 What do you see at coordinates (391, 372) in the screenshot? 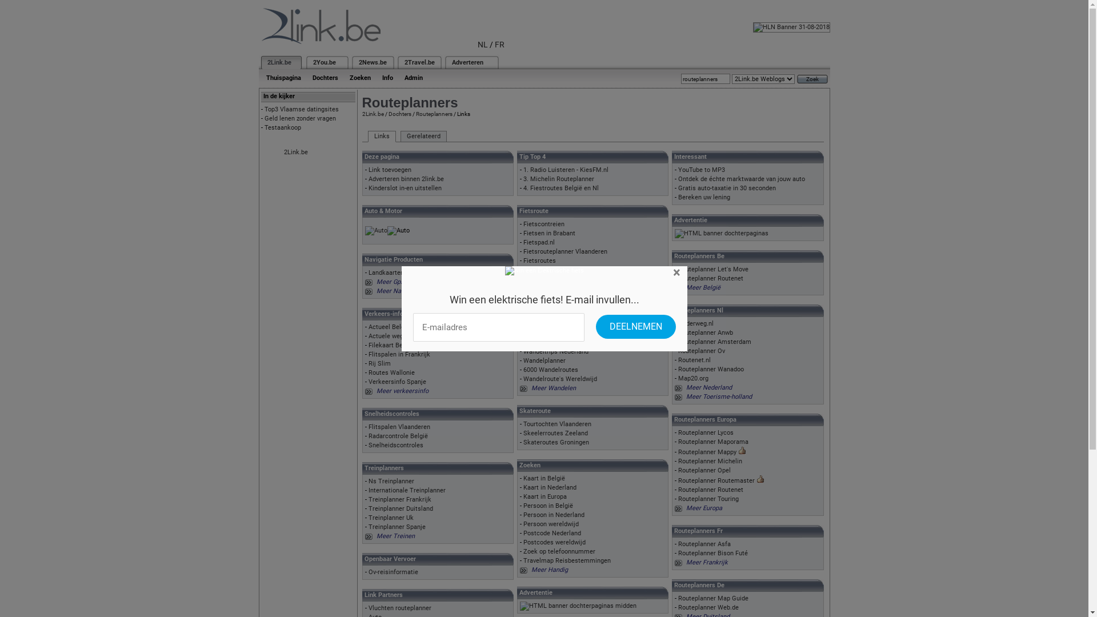
I see `'Routes Wallonie'` at bounding box center [391, 372].